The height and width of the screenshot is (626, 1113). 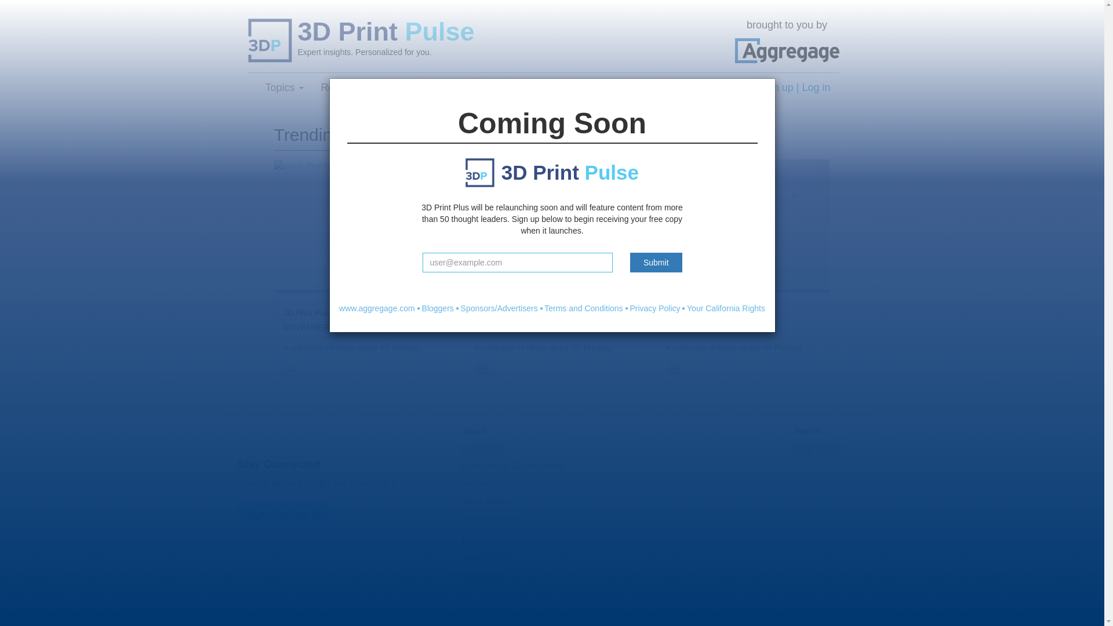 I want to click on 'Sign up | Log in', so click(x=794, y=86).